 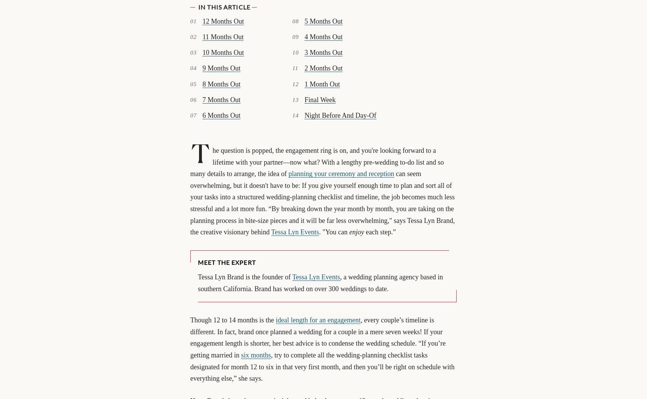 I want to click on ', try to complete all the wedding-planning checklist tasks designated for month 12 to six in that very first month, and then you’ll be right on schedule with everything else,” she says.', so click(x=322, y=366).